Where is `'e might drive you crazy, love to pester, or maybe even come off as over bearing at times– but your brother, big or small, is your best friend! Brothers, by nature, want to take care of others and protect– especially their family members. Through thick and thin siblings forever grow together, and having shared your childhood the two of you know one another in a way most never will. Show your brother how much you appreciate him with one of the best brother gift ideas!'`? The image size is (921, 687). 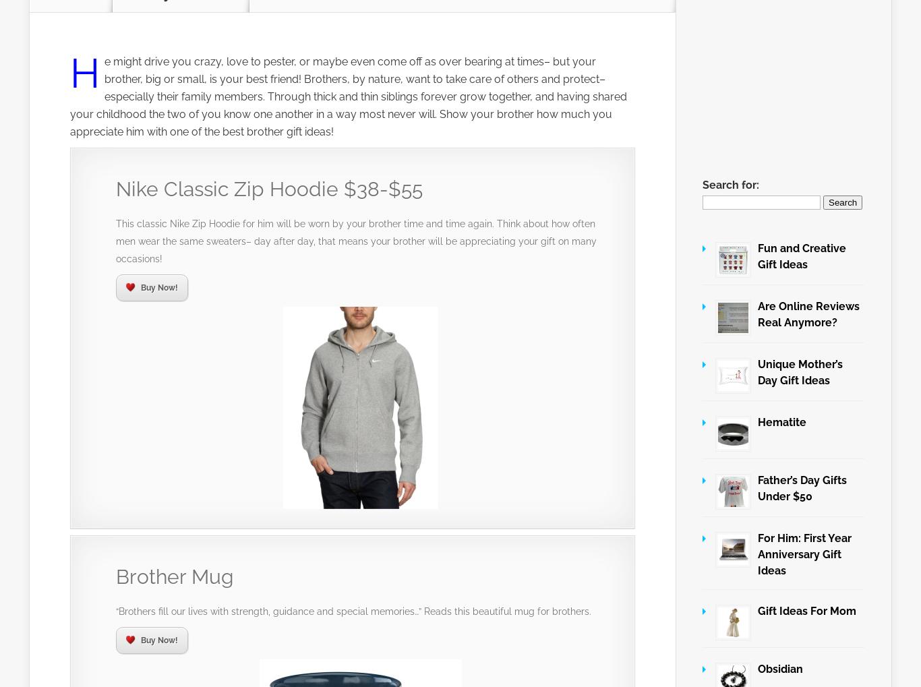 'e might drive you crazy, love to pester, or maybe even come off as over bearing at times– but your brother, big or small, is your best friend! Brothers, by nature, want to take care of others and protect– especially their family members. Through thick and thin siblings forever grow together, and having shared your childhood the two of you know one another in a way most never will. Show your brother how much you appreciate him with one of the best brother gift ideas!' is located at coordinates (349, 96).